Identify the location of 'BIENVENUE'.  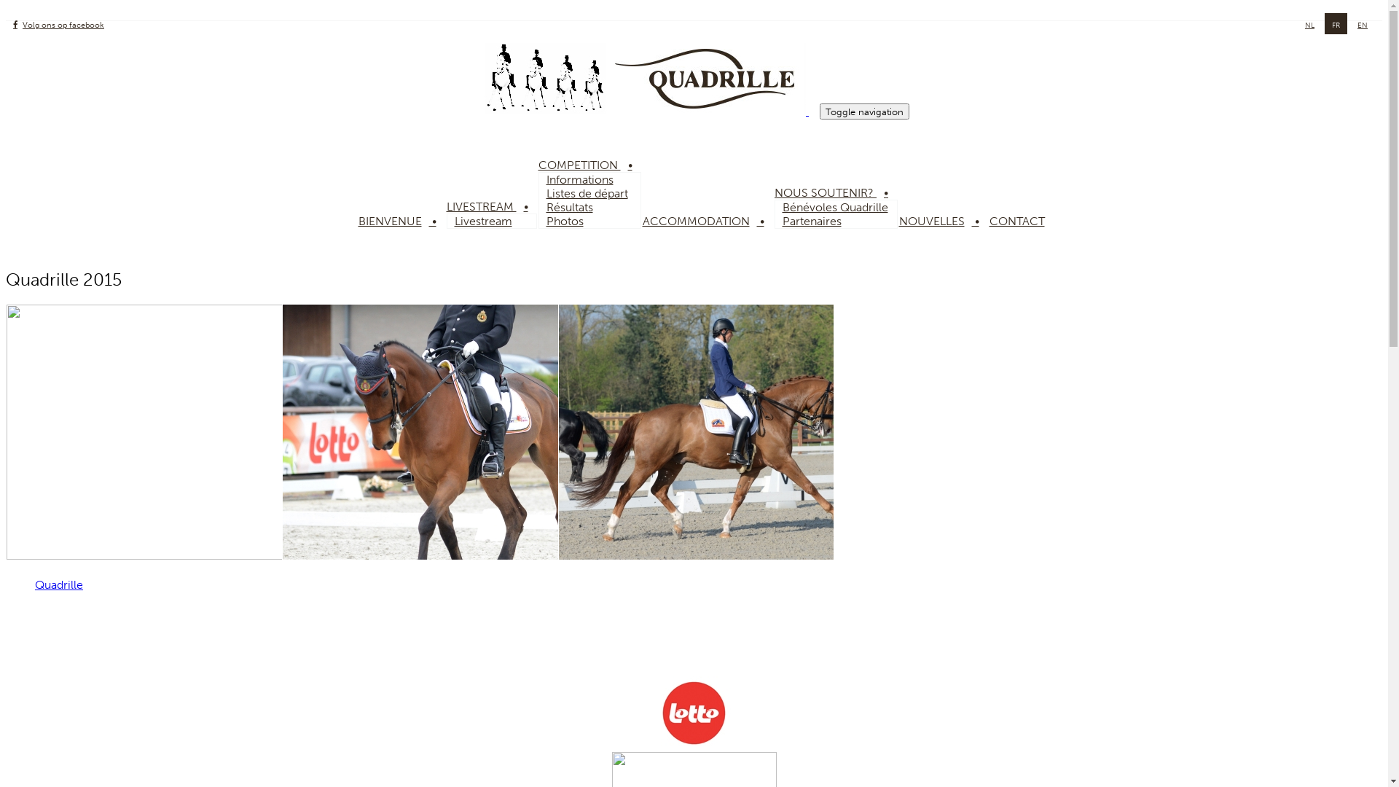
(401, 221).